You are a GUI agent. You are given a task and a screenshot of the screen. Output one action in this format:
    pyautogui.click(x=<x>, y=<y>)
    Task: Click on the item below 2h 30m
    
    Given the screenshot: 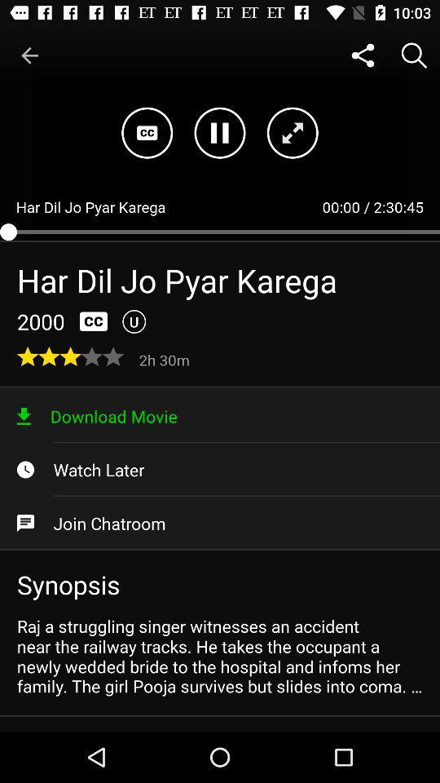 What is the action you would take?
    pyautogui.click(x=220, y=415)
    